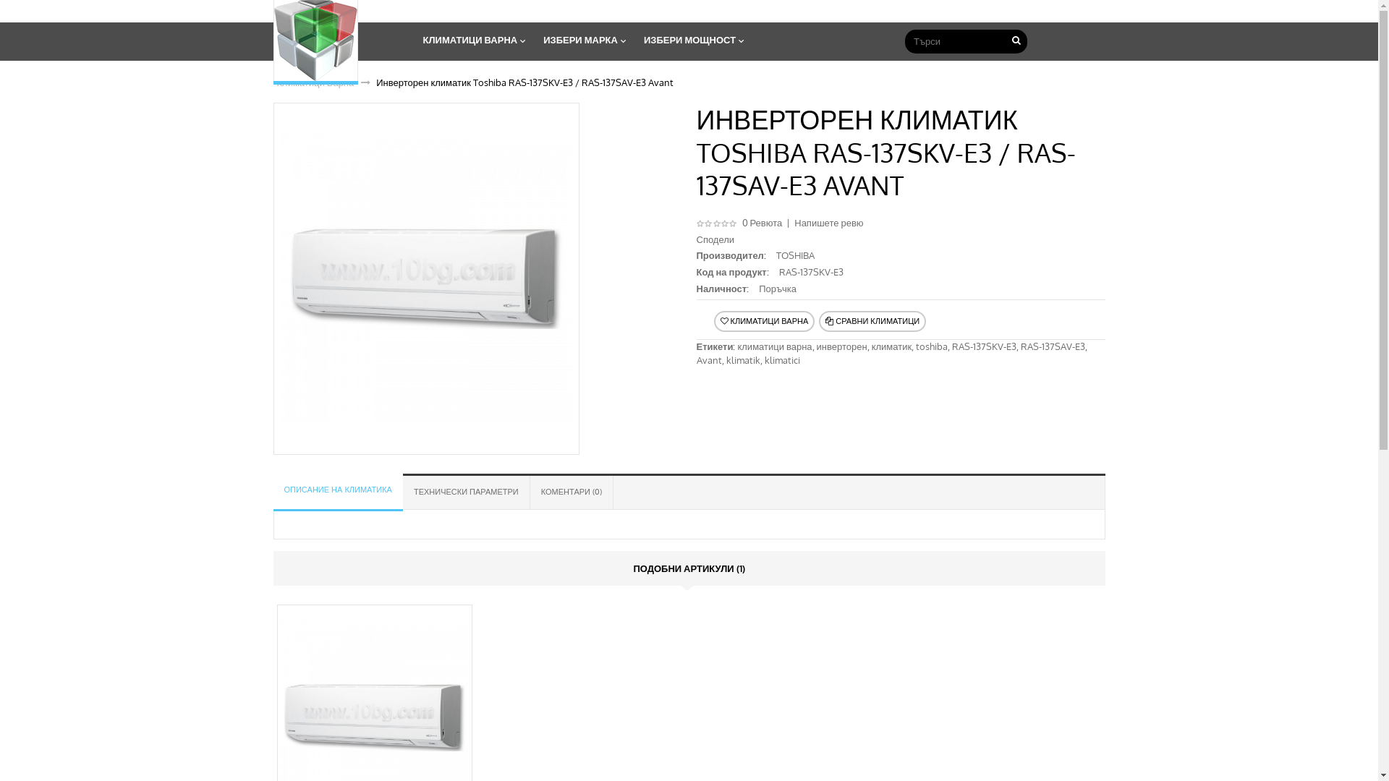 The width and height of the screenshot is (1389, 781). What do you see at coordinates (931, 346) in the screenshot?
I see `'toshiba'` at bounding box center [931, 346].